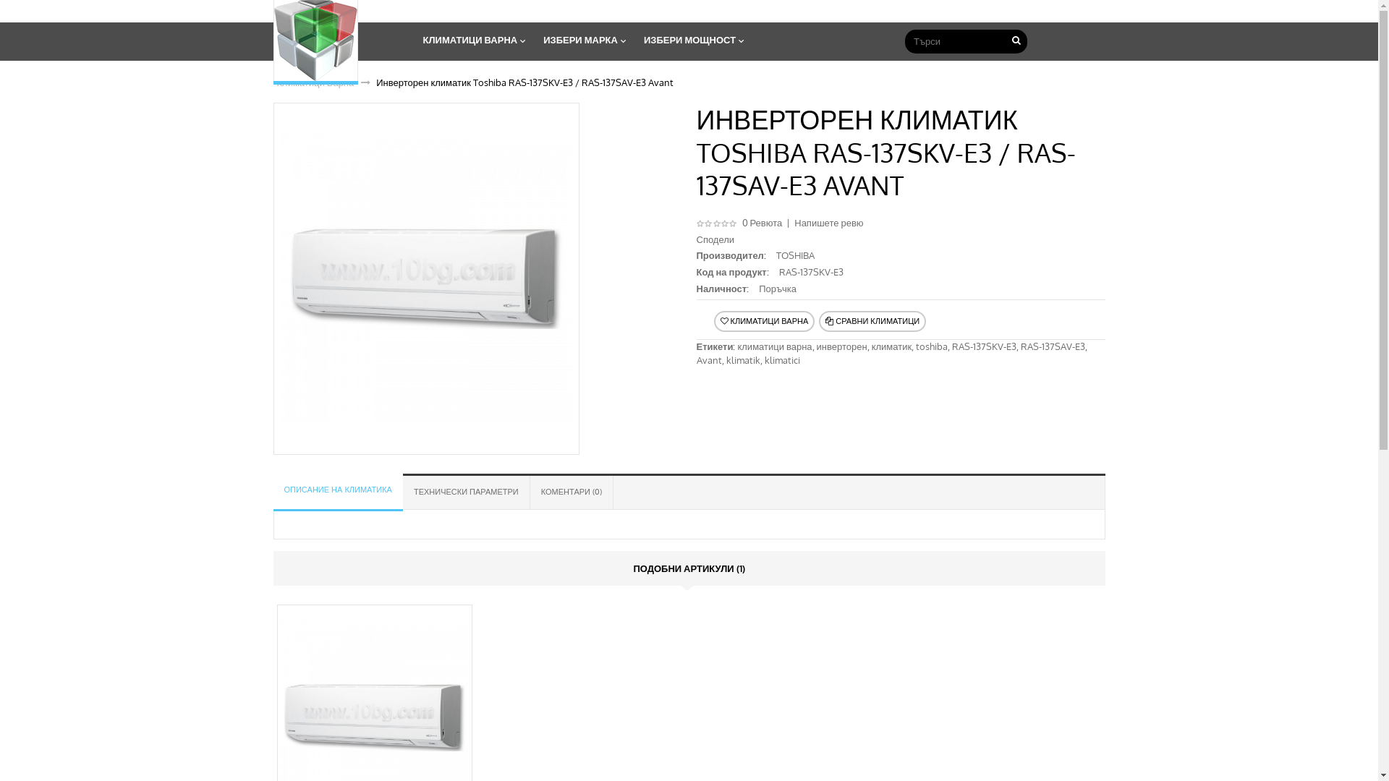 The width and height of the screenshot is (1389, 781). What do you see at coordinates (931, 346) in the screenshot?
I see `'toshiba'` at bounding box center [931, 346].